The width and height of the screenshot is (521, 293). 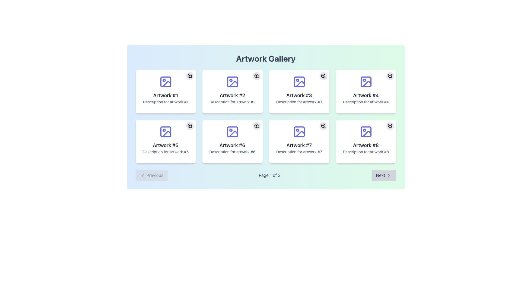 What do you see at coordinates (165, 141) in the screenshot?
I see `on the display card showcasing 'Artwork #5', which is positioned in the second row of a four-column grid layout` at bounding box center [165, 141].